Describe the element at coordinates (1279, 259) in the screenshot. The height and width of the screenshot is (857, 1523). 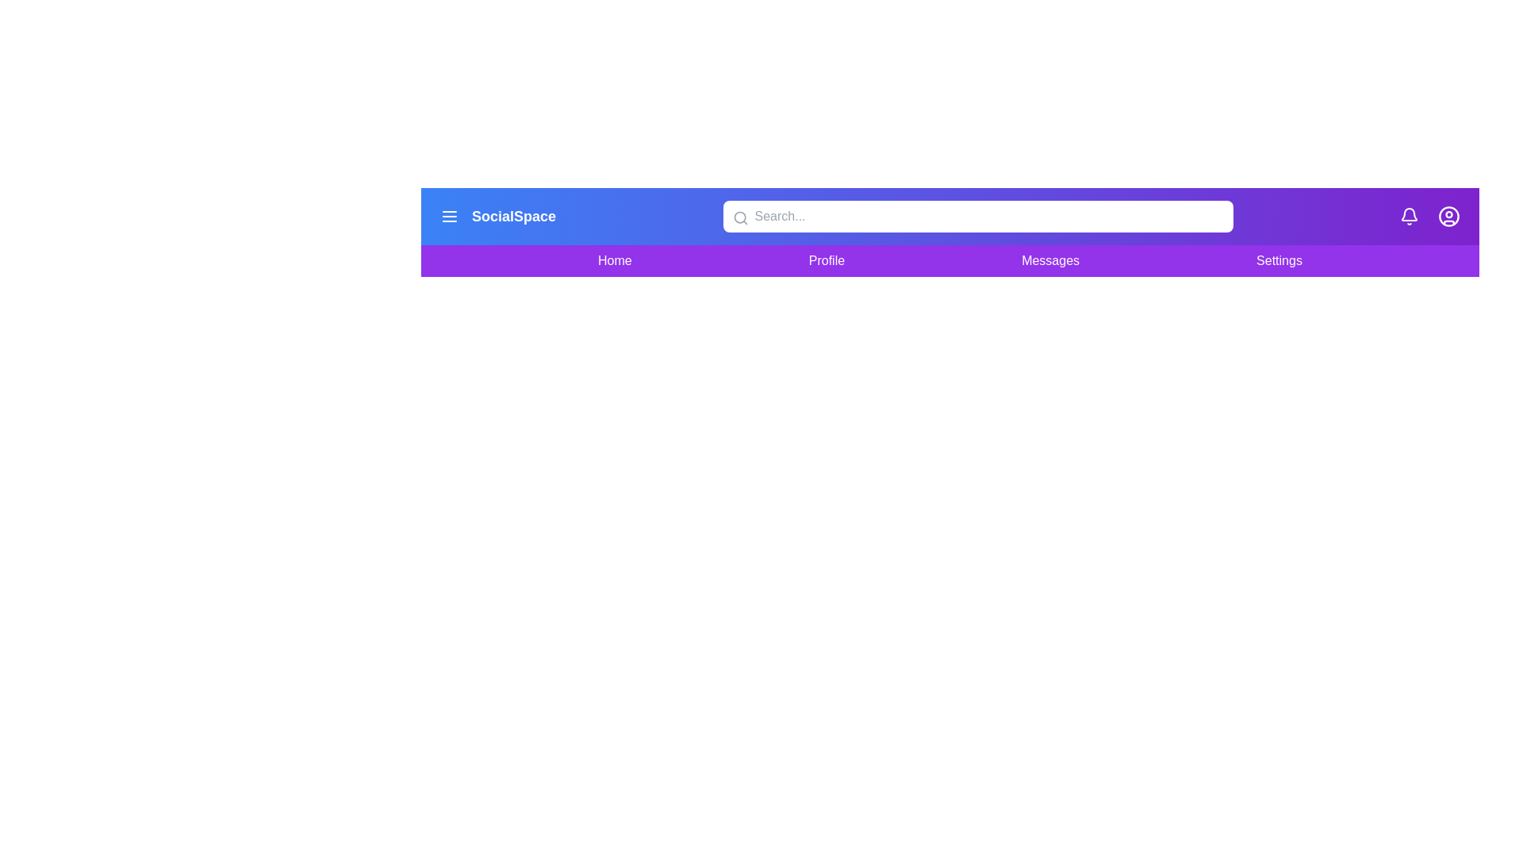
I see `the navigation link Settings to observe visual feedback` at that location.